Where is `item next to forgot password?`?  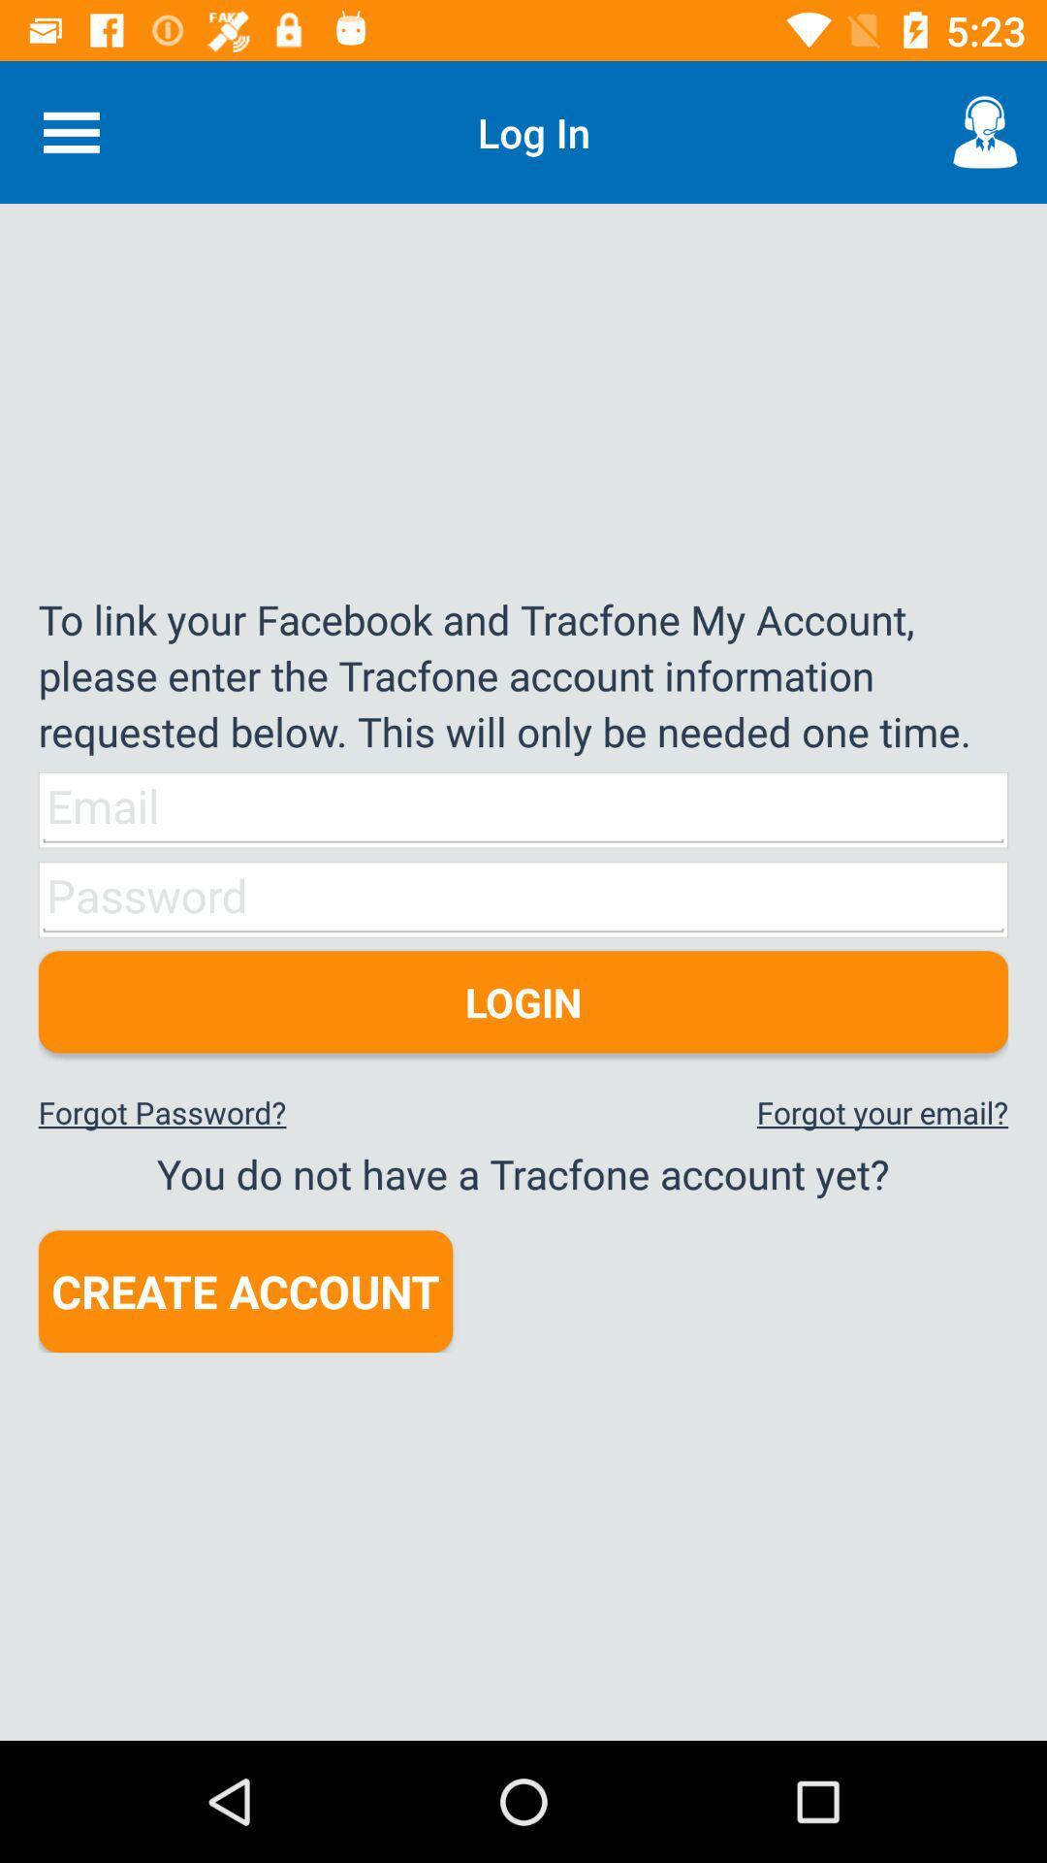
item next to forgot password? is located at coordinates (882, 1112).